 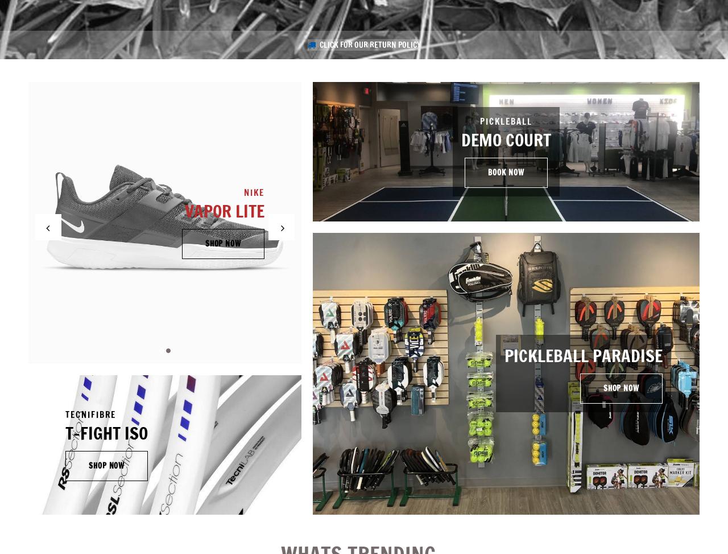 What do you see at coordinates (480, 120) in the screenshot?
I see `'pickleball'` at bounding box center [480, 120].